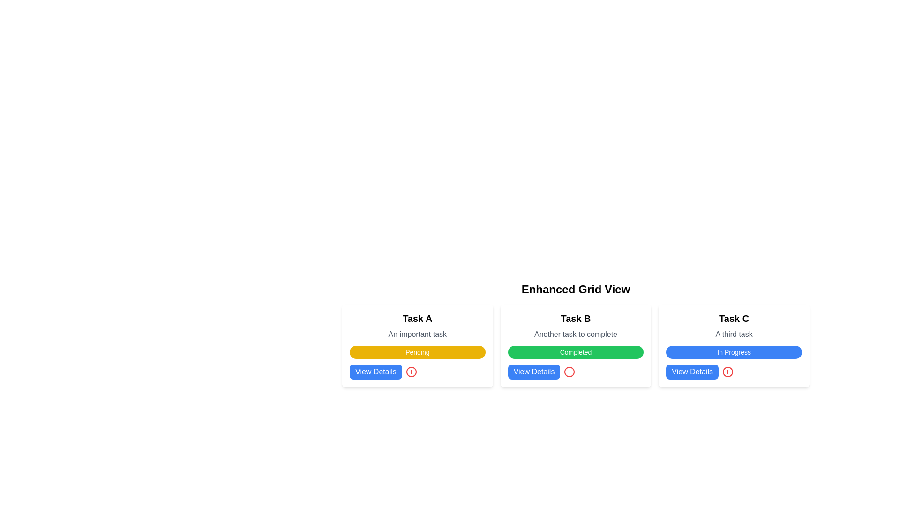 The height and width of the screenshot is (506, 900). What do you see at coordinates (411, 372) in the screenshot?
I see `the red '+' action icon located to the right of the 'View Details' button in the 'Task A' section` at bounding box center [411, 372].